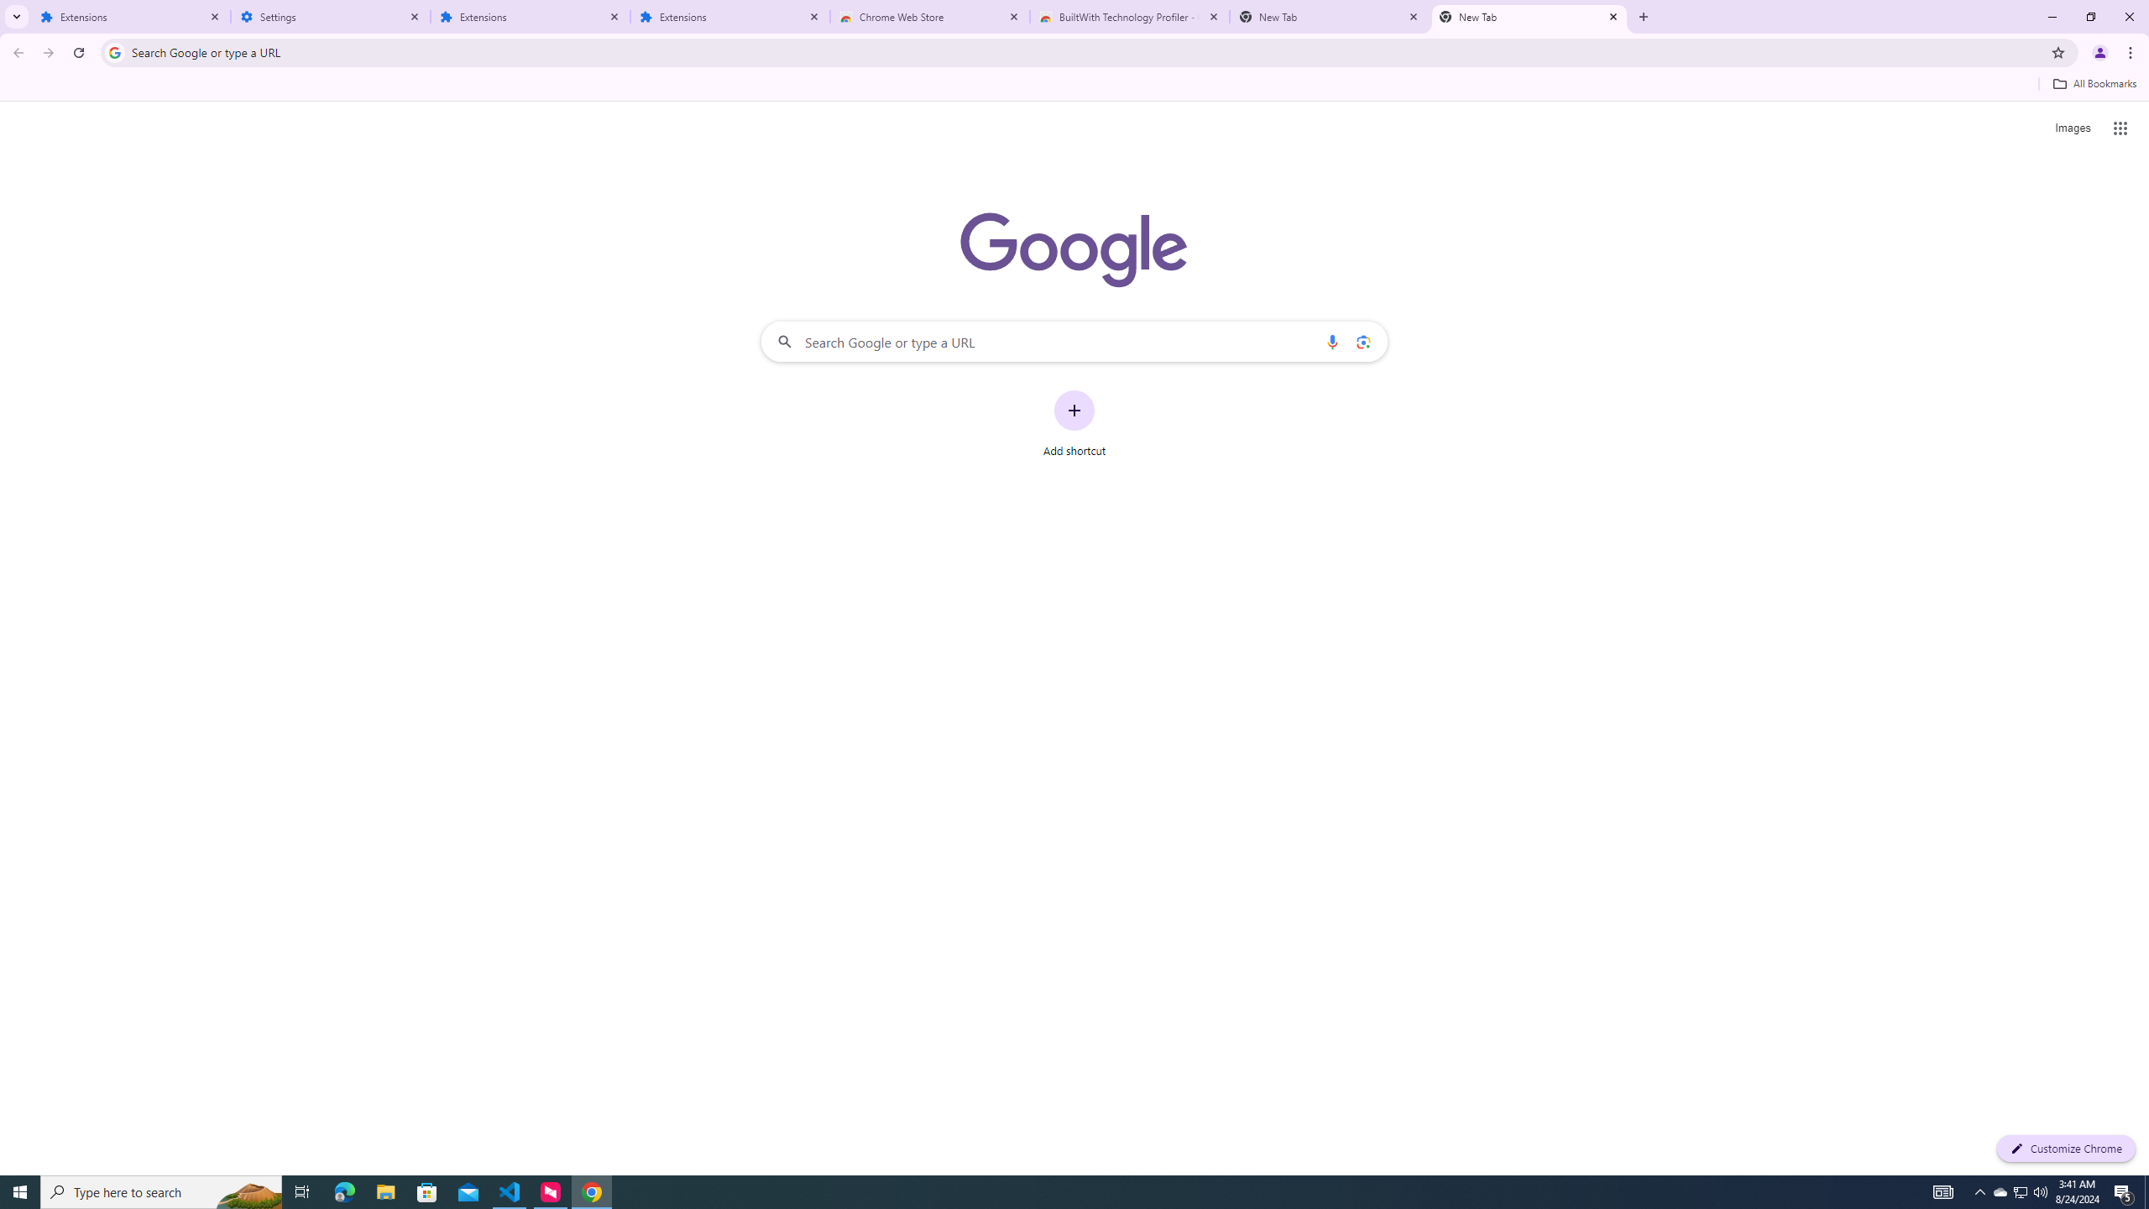 The width and height of the screenshot is (2149, 1209). Describe the element at coordinates (113, 51) in the screenshot. I see `'Search icon'` at that location.